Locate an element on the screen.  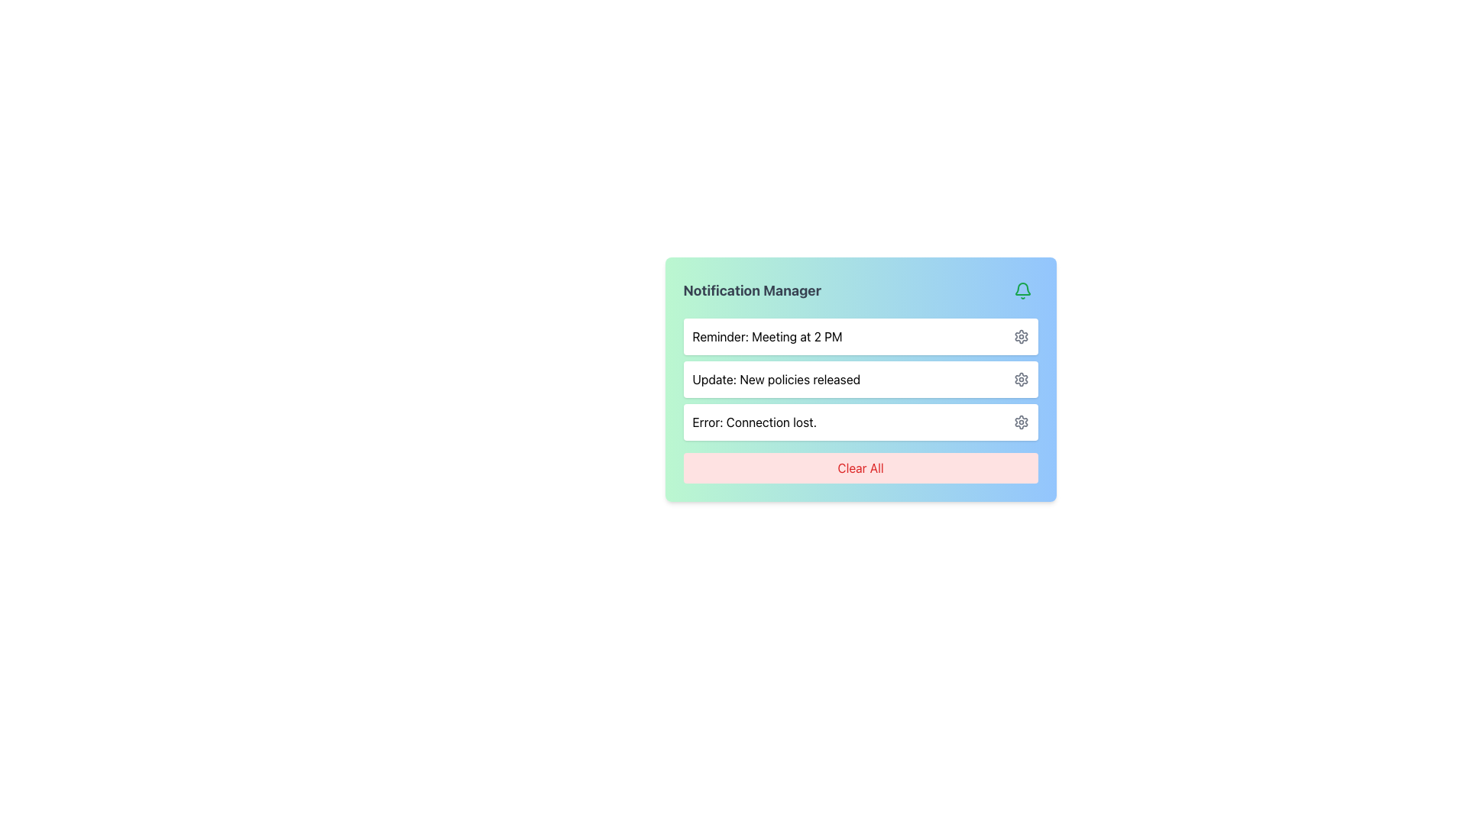
the gear-shaped icon button next to the reminder notification labeled 'Reminder: Meeting at 2 PM' is located at coordinates (1021, 335).